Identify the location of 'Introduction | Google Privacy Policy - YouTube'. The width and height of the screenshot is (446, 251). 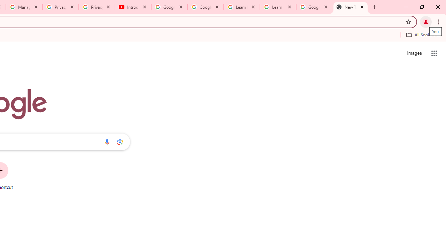
(133, 7).